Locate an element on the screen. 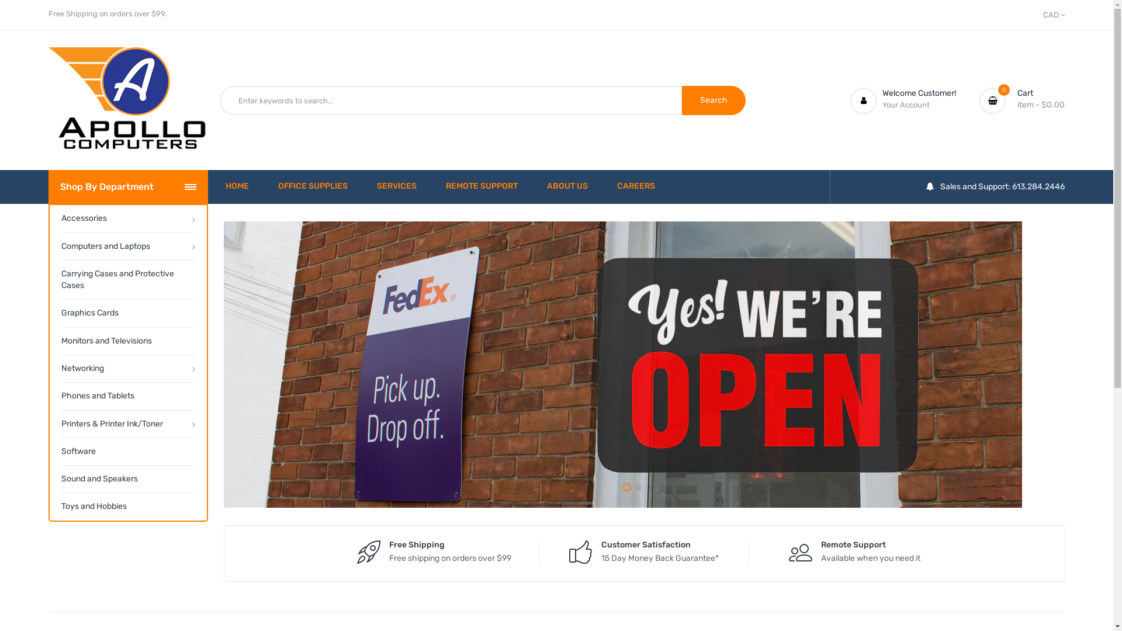 Image resolution: width=1122 pixels, height=631 pixels. 'REMOTE SUPPORT' is located at coordinates (445, 186).